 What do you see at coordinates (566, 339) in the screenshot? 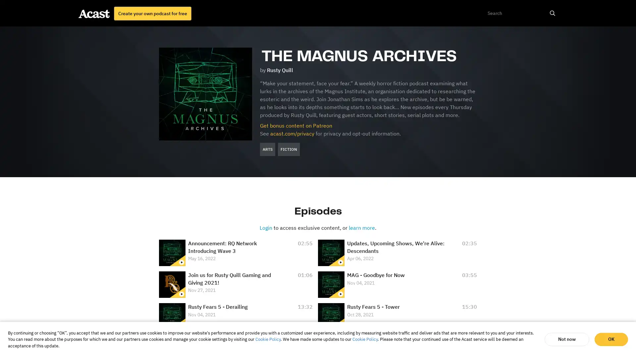
I see `Not now` at bounding box center [566, 339].